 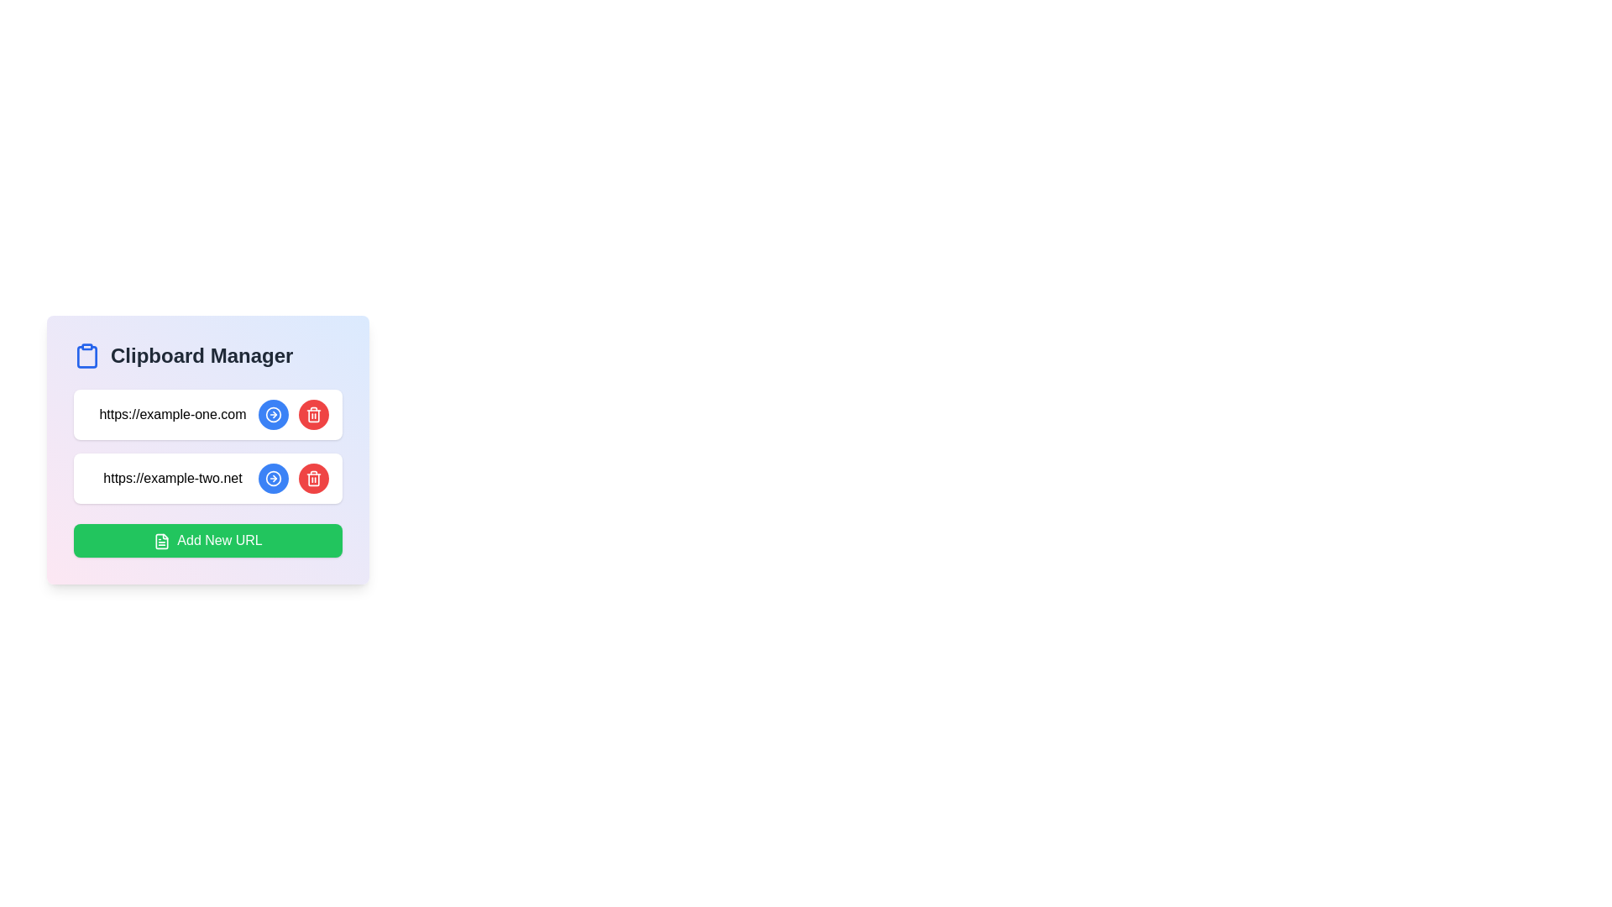 I want to click on the icon button located to the right of 'https://example-two.net' in the second row, which initiates an action related to the associated URL, so click(x=274, y=414).